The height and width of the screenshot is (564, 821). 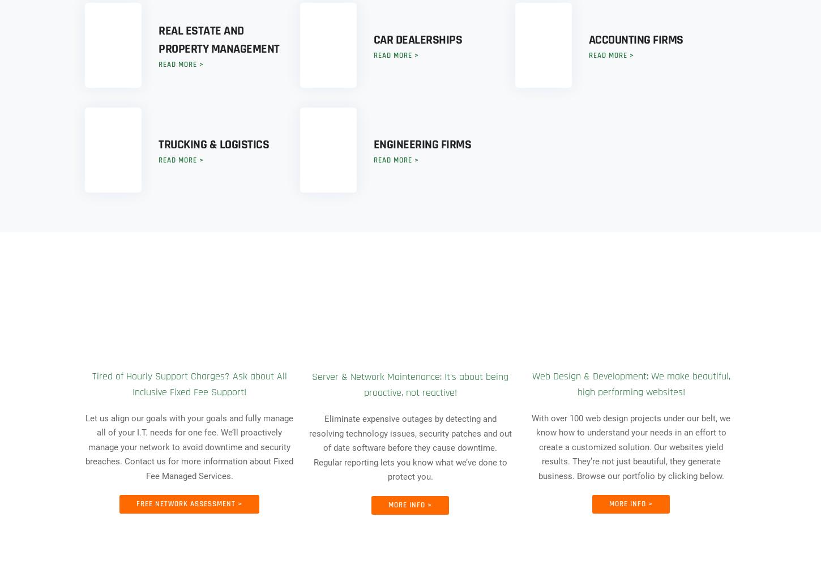 I want to click on 'TRUCKING & LOGISTICS', so click(x=213, y=144).